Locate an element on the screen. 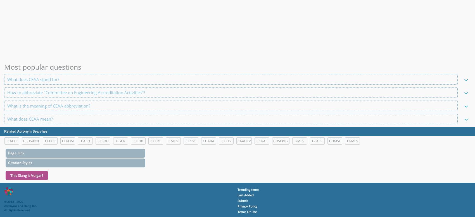 The image size is (475, 217). 'Acronyms and Slang, Inc.' is located at coordinates (20, 206).